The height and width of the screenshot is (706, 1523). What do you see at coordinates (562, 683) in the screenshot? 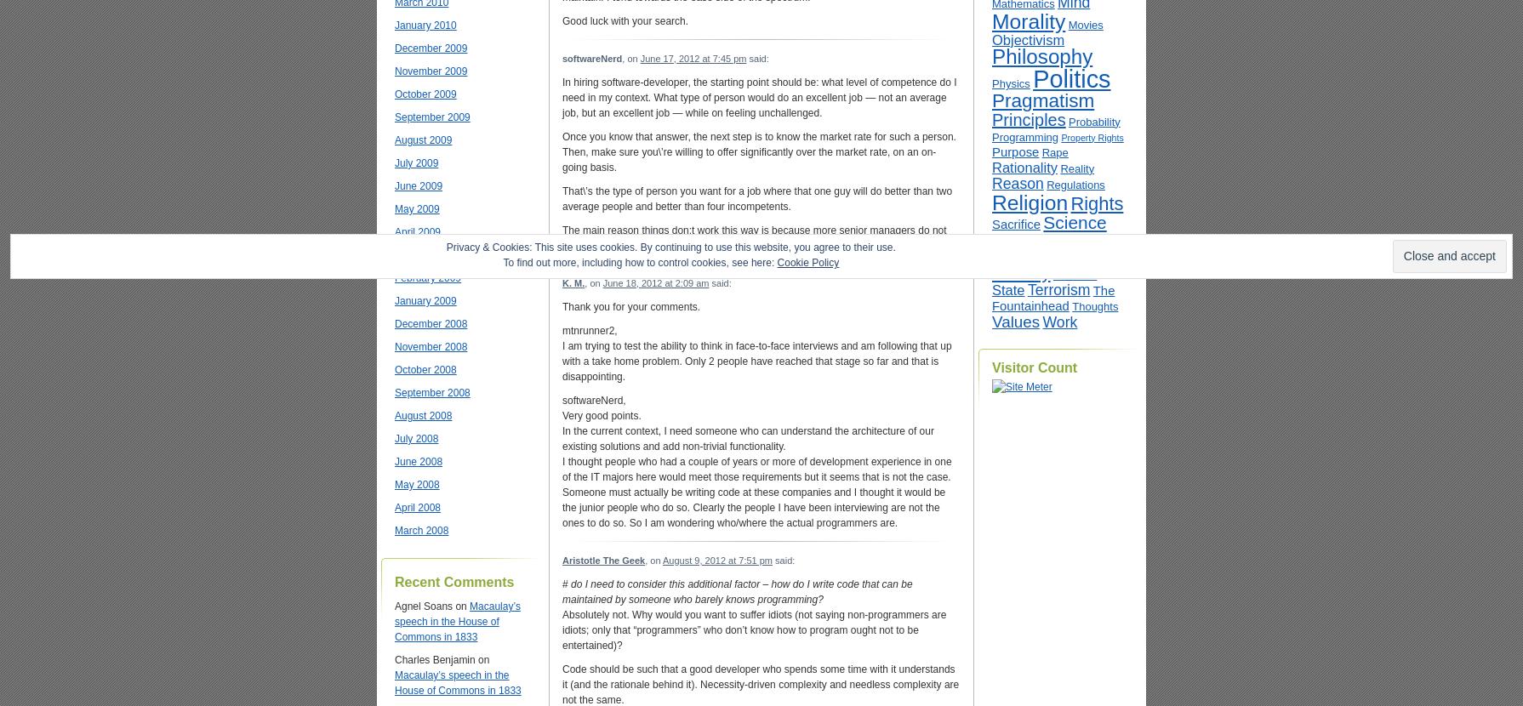
I see `'Code should be such that a good developer who spends some time with it understands it (and the rationale behind it). Necessity-driven complexity and needless complexity are not the same.'` at bounding box center [562, 683].